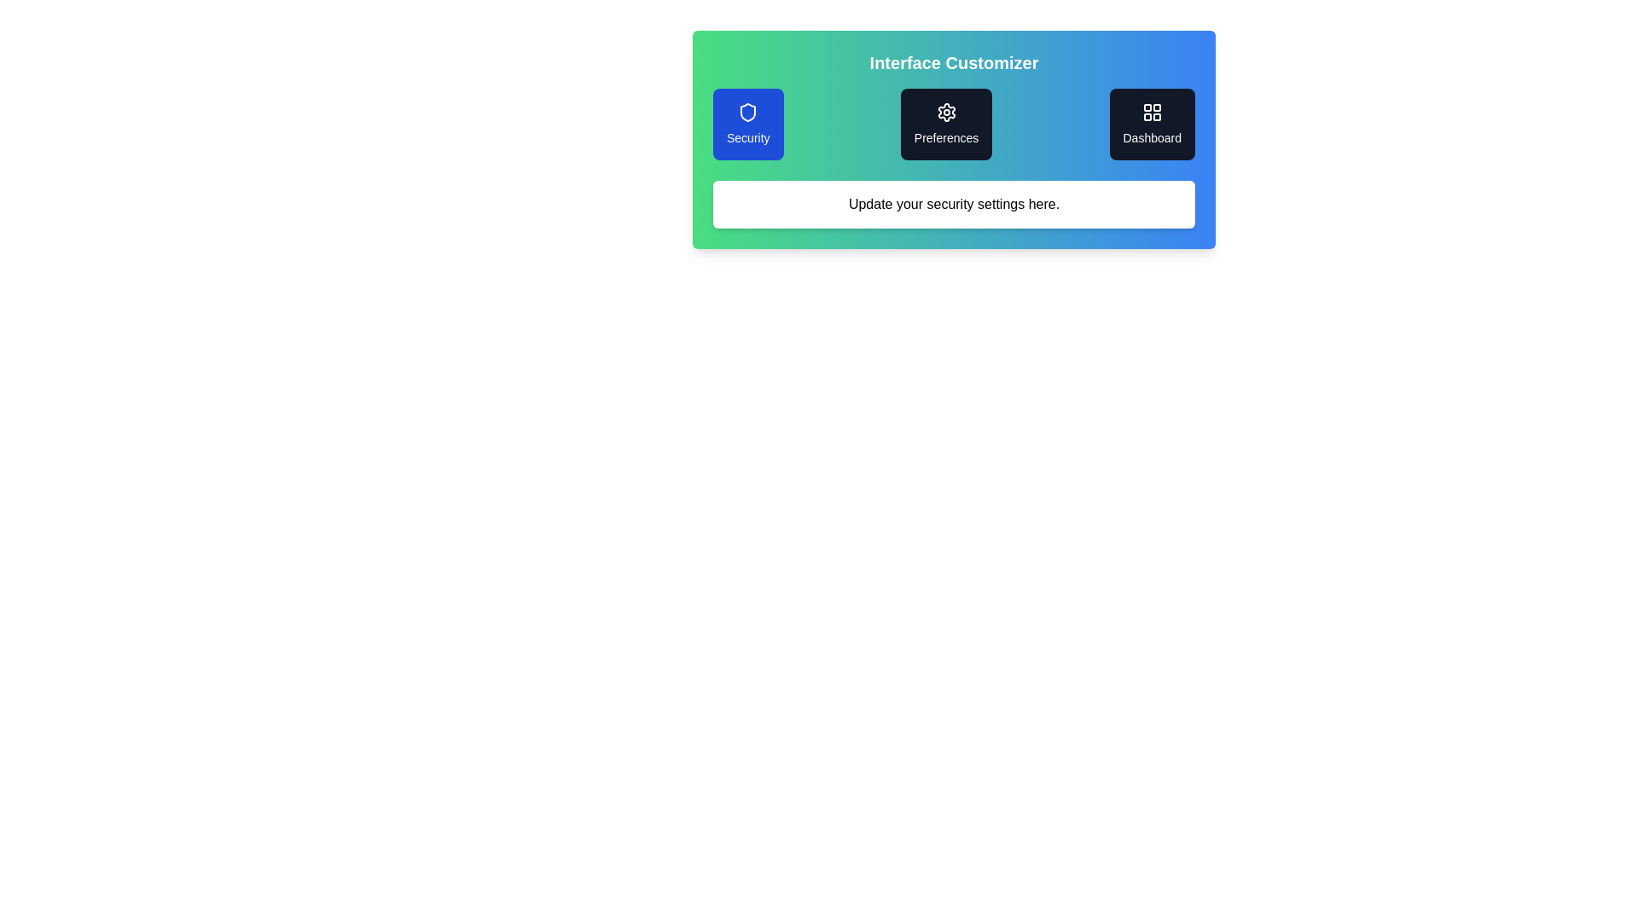  Describe the element at coordinates (953, 203) in the screenshot. I see `the informational text block that provides a prompt regarding updating security settings, located below 'Security,' 'Preferences,' and 'Dashboard.'` at that location.